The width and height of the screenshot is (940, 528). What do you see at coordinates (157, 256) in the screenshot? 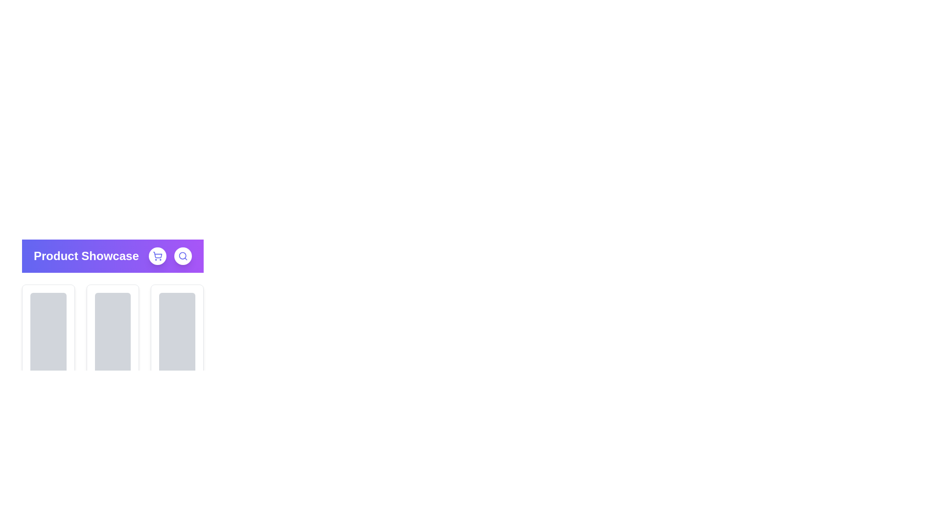
I see `the shopping cart button located at the top of the interface, to the right of the 'Product Showcase' text` at bounding box center [157, 256].